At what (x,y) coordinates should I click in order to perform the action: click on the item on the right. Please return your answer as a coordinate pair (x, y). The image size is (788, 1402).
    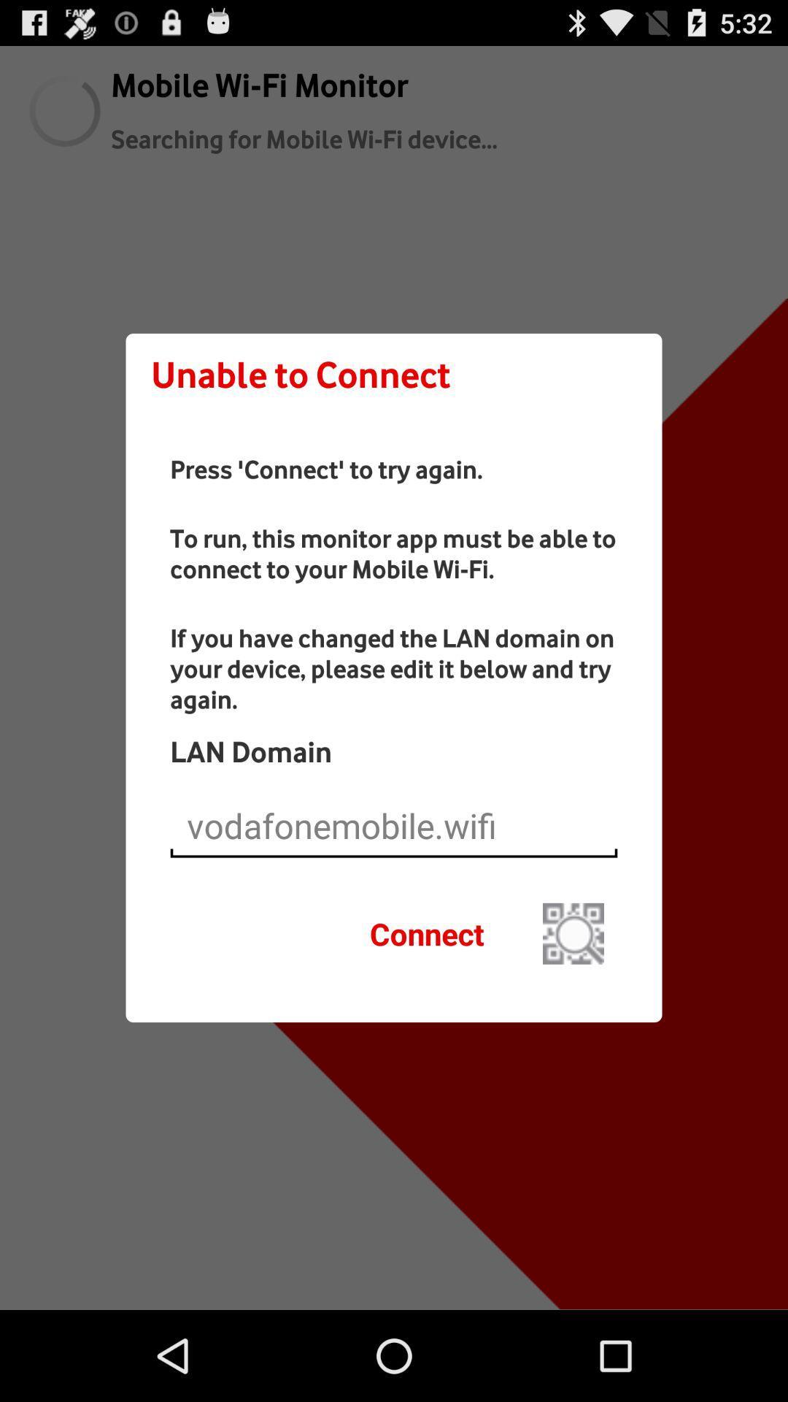
    Looking at the image, I should click on (573, 932).